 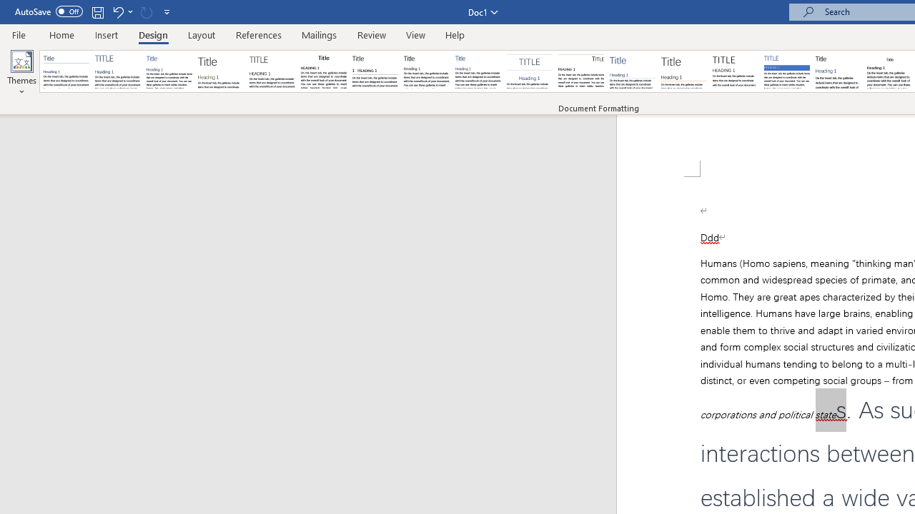 What do you see at coordinates (117, 11) in the screenshot?
I see `'Undo Apply Quick Style Set'` at bounding box center [117, 11].